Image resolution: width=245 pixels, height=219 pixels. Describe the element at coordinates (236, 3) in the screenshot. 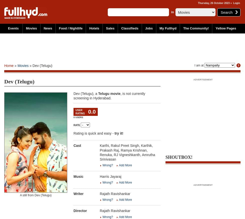

I see `'Login'` at that location.